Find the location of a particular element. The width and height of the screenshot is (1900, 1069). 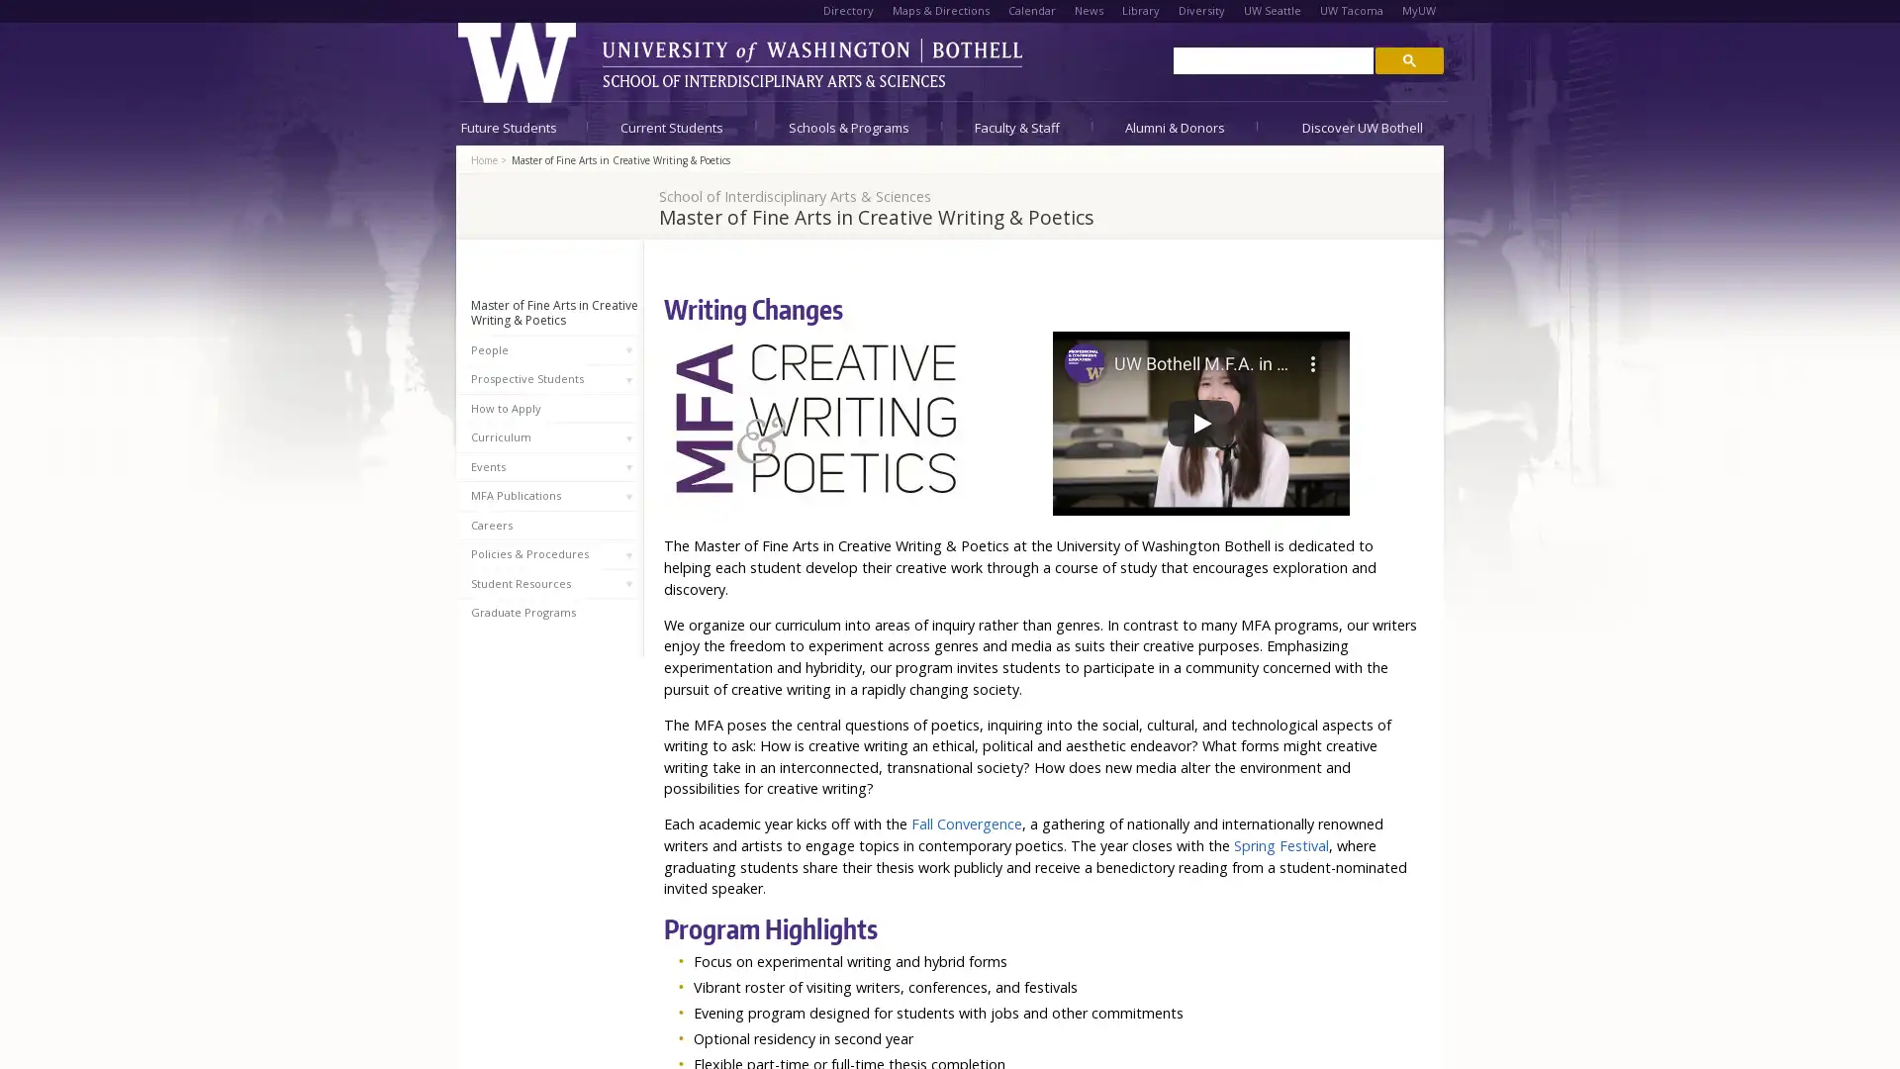

search is located at coordinates (1408, 58).